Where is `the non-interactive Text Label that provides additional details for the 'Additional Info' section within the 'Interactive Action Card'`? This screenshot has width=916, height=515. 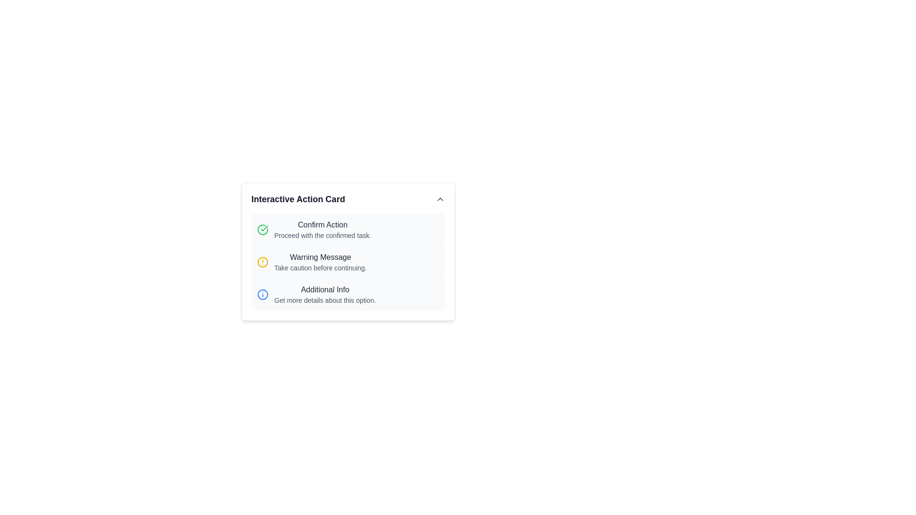 the non-interactive Text Label that provides additional details for the 'Additional Info' section within the 'Interactive Action Card' is located at coordinates (325, 299).